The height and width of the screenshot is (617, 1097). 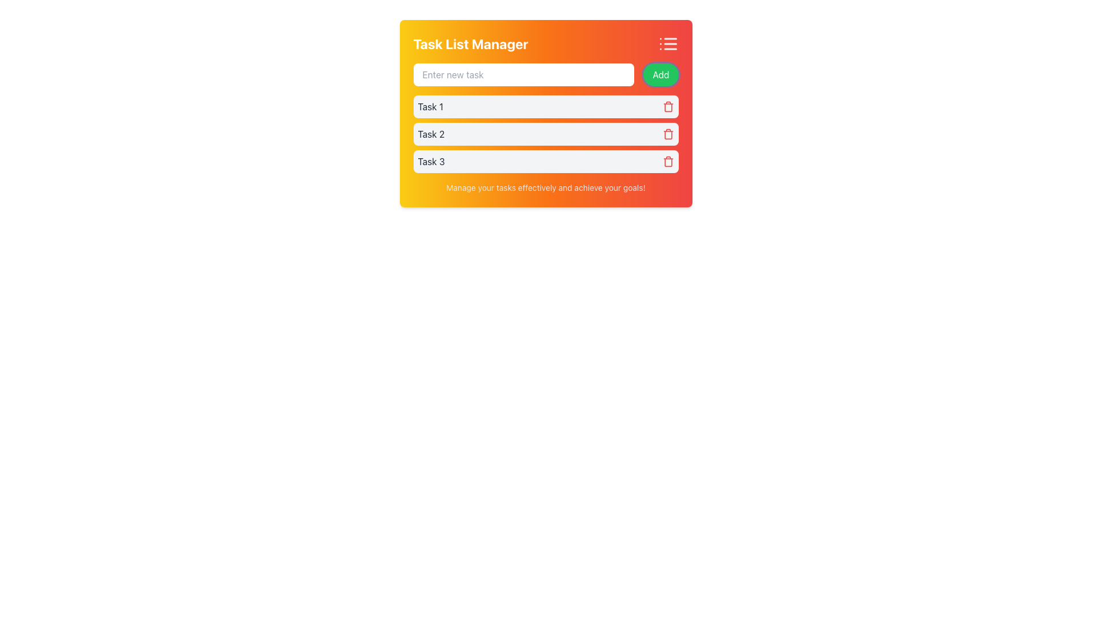 What do you see at coordinates (668, 161) in the screenshot?
I see `the delete button located to the far right of the 'Task 3' item in the task list section` at bounding box center [668, 161].